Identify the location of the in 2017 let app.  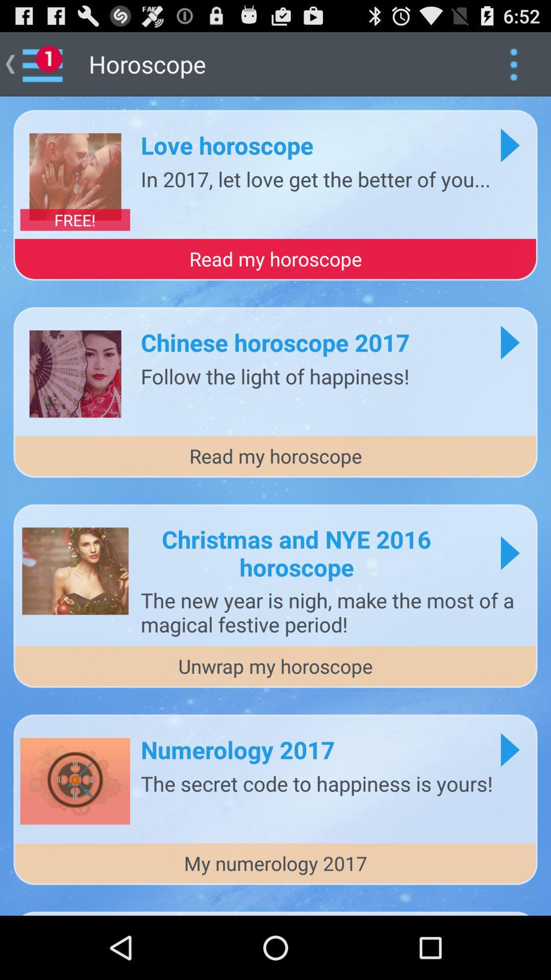
(315, 179).